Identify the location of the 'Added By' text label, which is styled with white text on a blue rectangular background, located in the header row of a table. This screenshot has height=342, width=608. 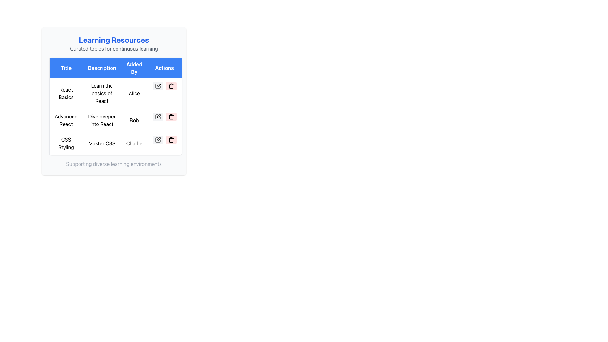
(134, 68).